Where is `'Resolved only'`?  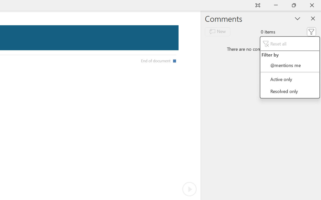
'Resolved only' is located at coordinates (290, 91).